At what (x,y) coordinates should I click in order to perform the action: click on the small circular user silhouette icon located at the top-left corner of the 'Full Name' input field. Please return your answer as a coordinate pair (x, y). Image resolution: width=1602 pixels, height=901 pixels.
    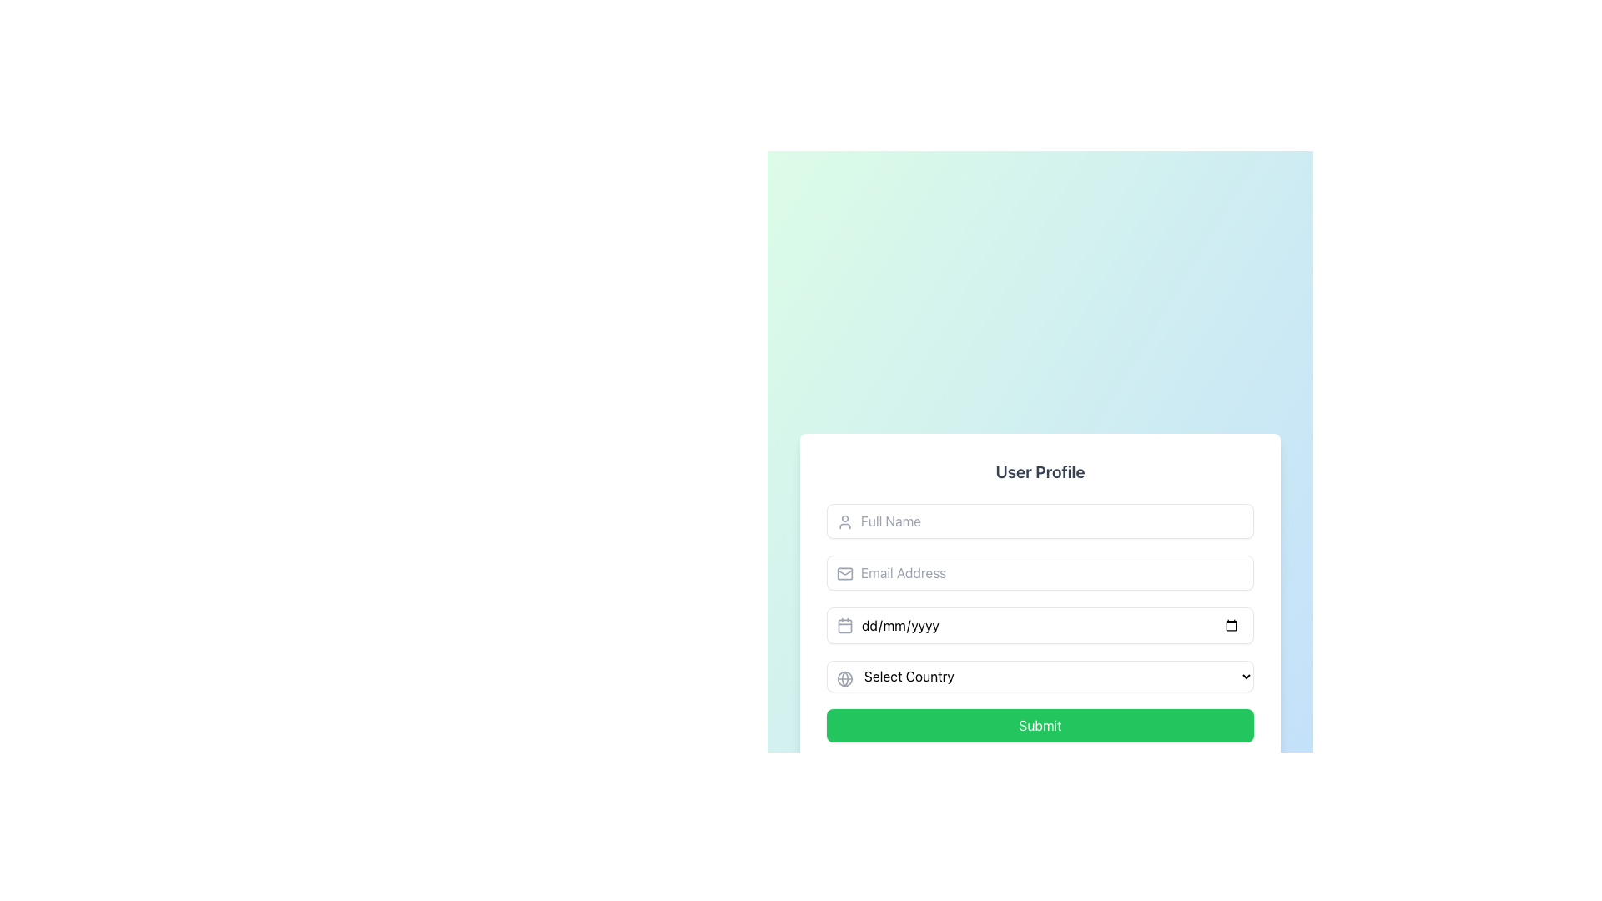
    Looking at the image, I should click on (844, 521).